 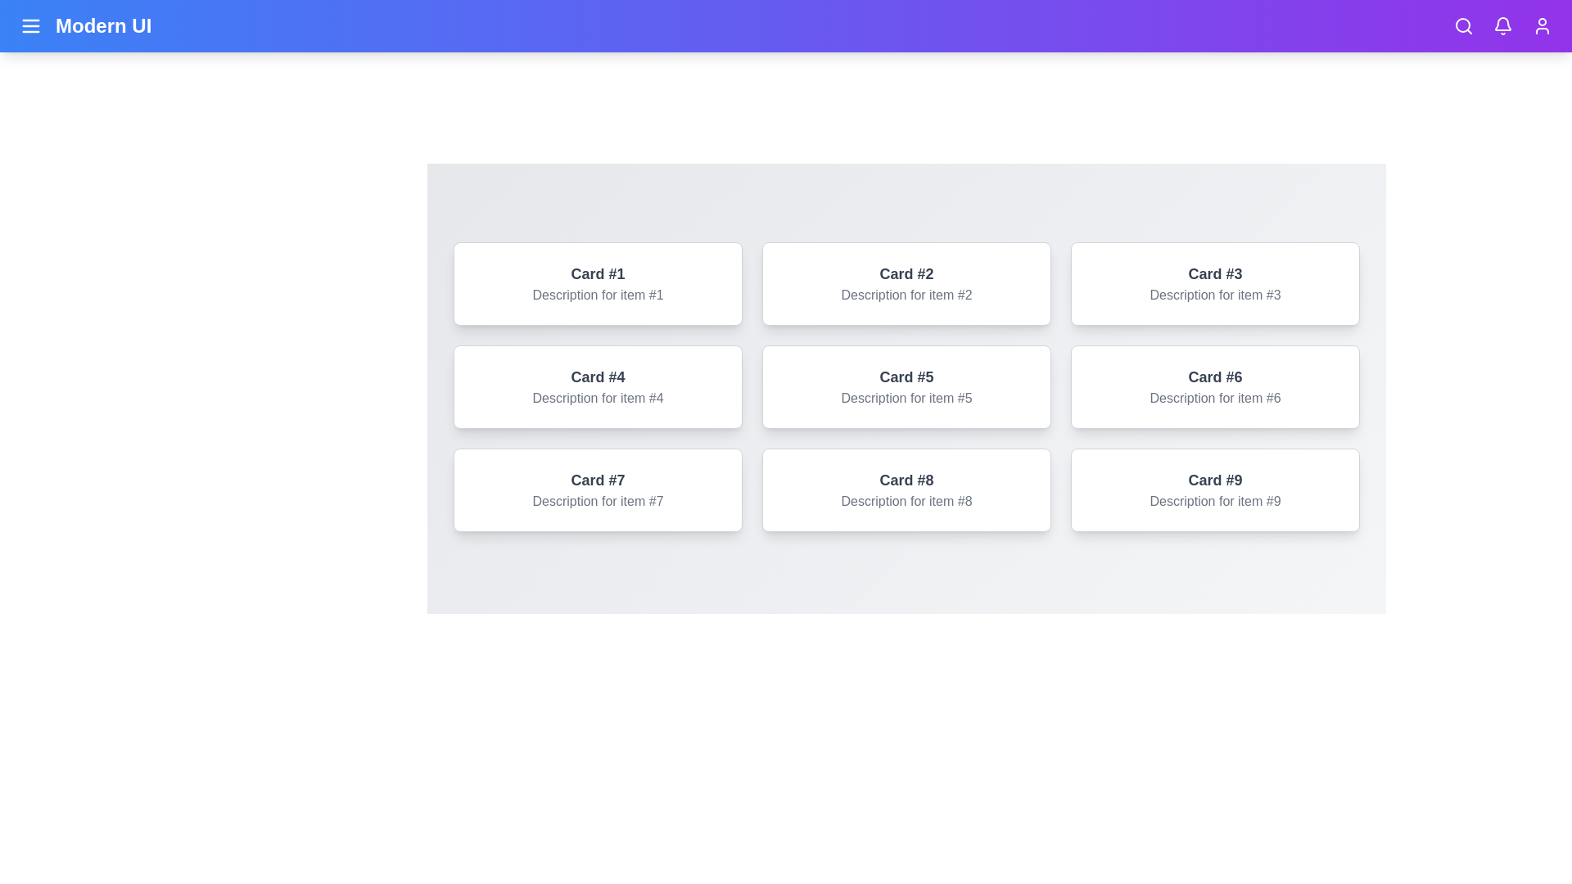 I want to click on the menu button to open the navigation drawer, so click(x=31, y=25).